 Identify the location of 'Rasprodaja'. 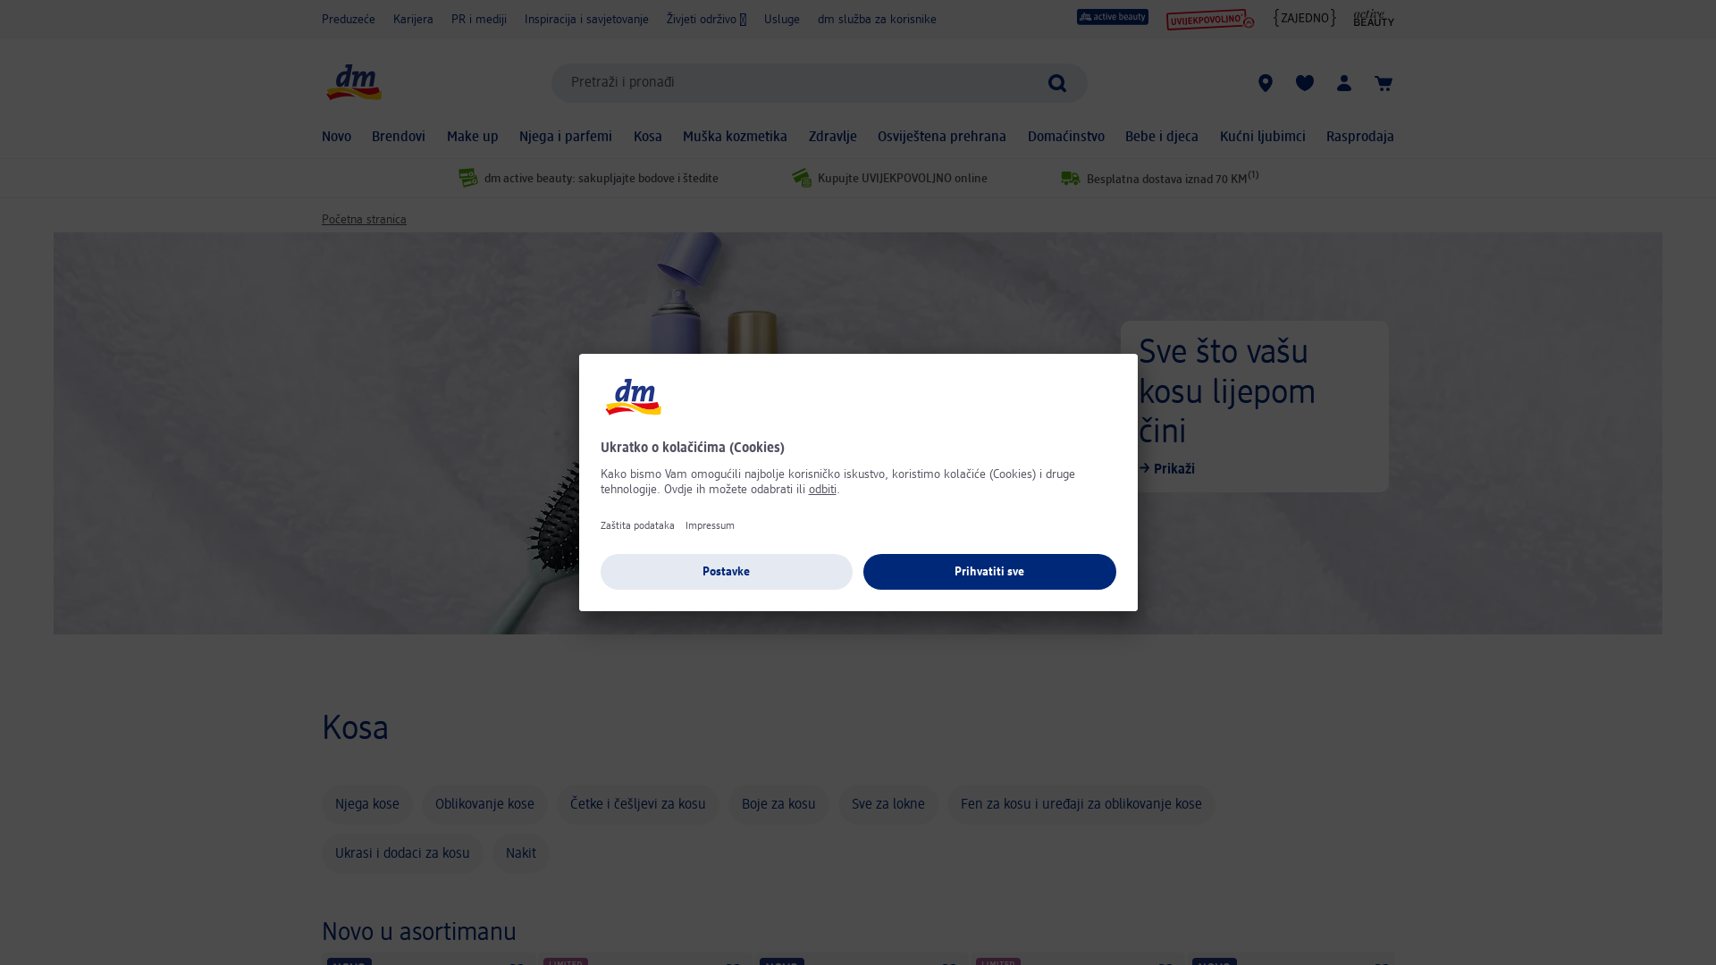
(1352, 137).